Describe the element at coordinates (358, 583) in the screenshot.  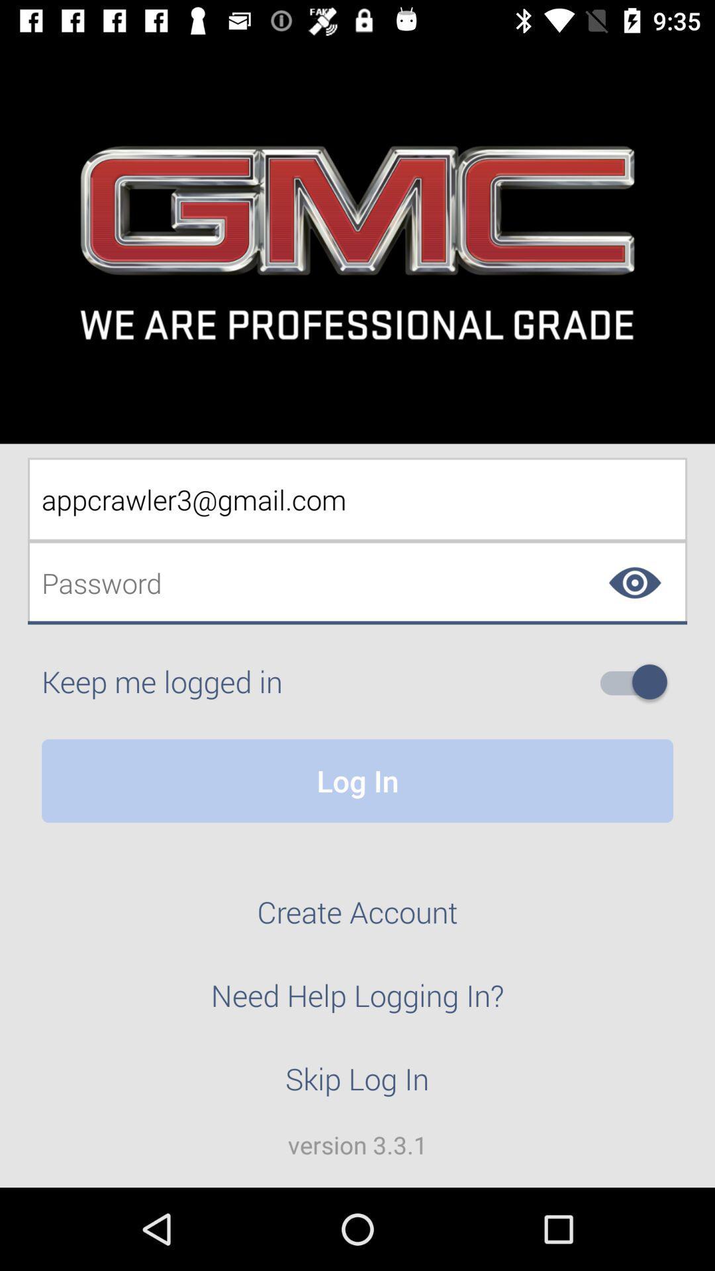
I see `password textbox` at that location.